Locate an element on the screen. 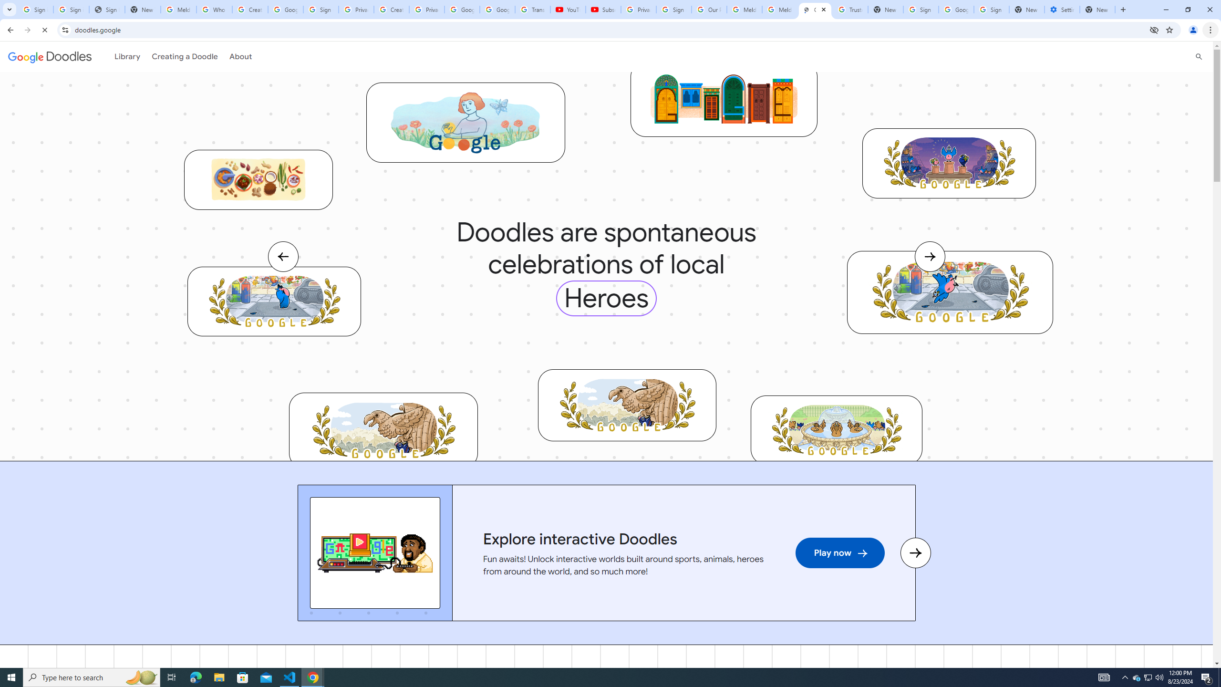  'Google Account' is located at coordinates (496, 9).